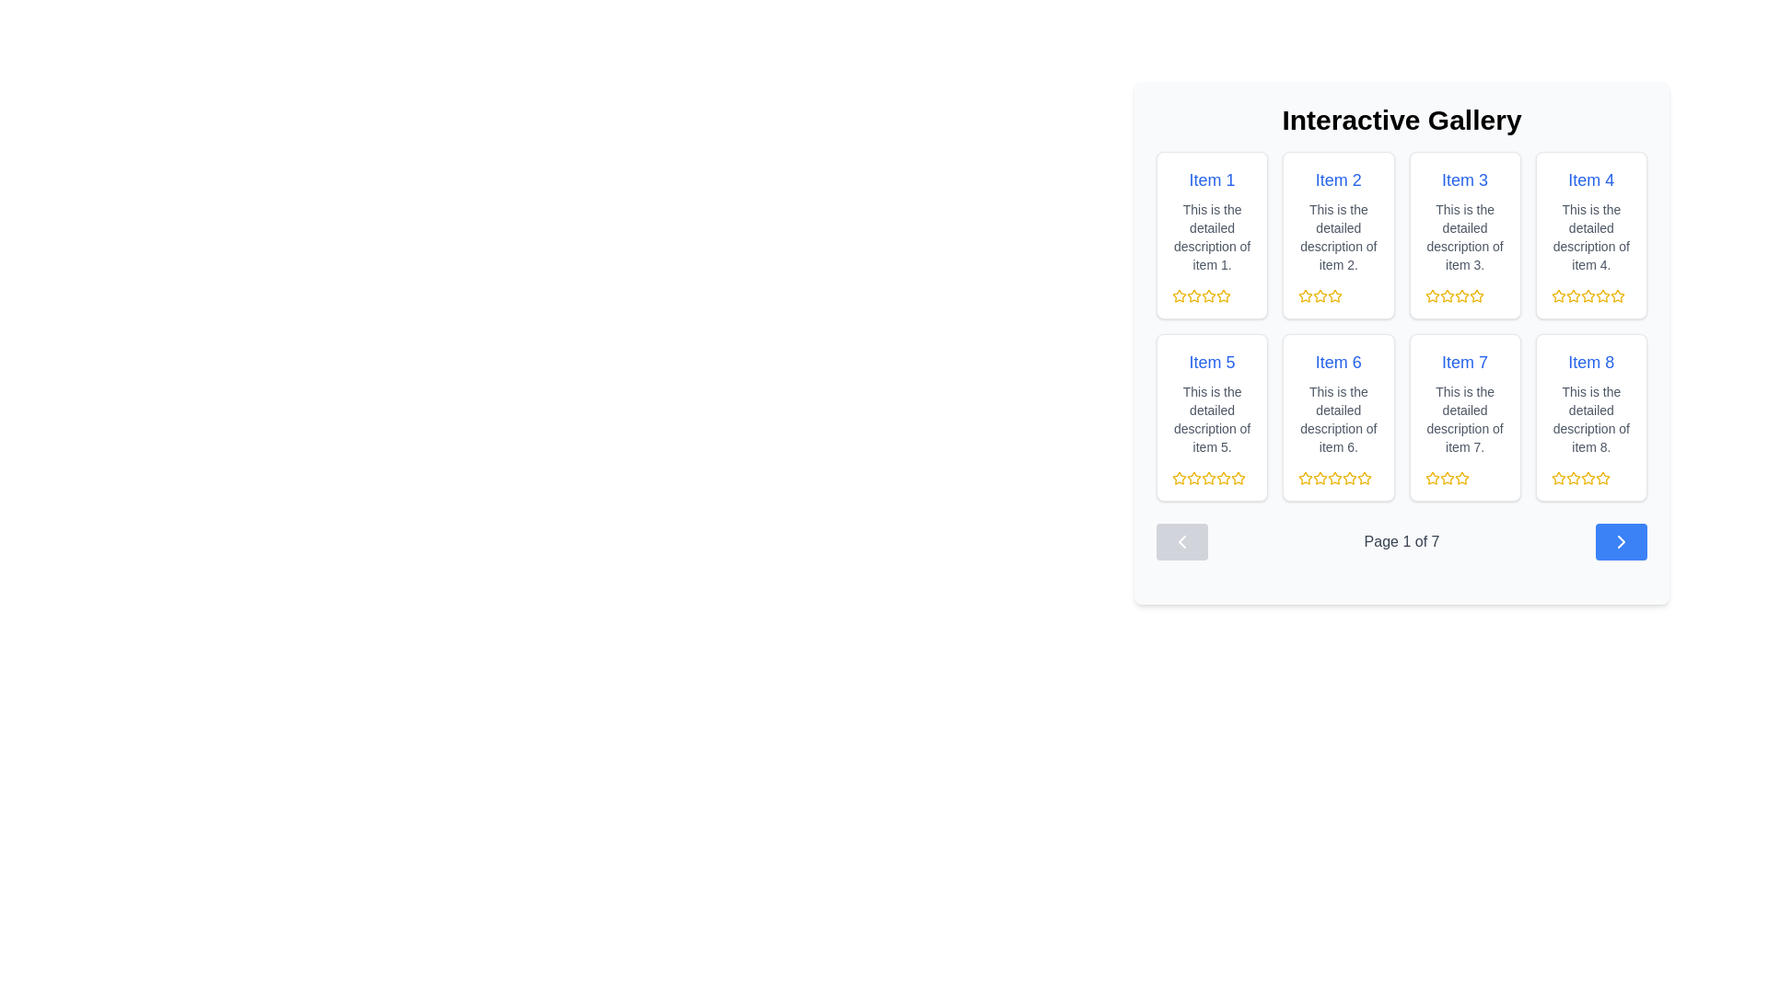 This screenshot has width=1768, height=994. Describe the element at coordinates (1431, 295) in the screenshot. I see `the yellow hollow center star icon to rate it, which is the first star in the rating row beneath the 'Item 3' card in the interactive gallery grid` at that location.